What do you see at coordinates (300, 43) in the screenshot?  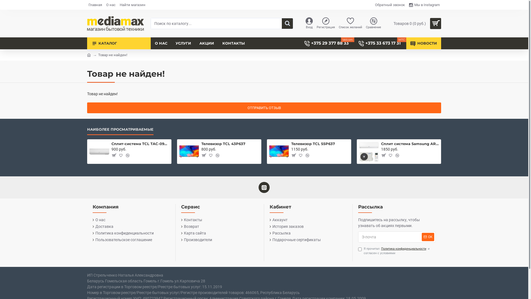 I see `'+375 29 377 88 33` at bounding box center [300, 43].